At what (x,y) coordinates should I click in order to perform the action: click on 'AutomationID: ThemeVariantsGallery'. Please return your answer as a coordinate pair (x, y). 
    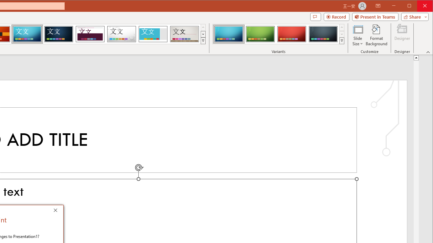
    Looking at the image, I should click on (279, 34).